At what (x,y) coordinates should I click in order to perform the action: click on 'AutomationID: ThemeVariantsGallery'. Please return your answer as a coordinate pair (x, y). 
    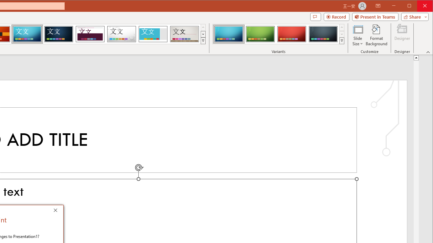
    Looking at the image, I should click on (279, 34).